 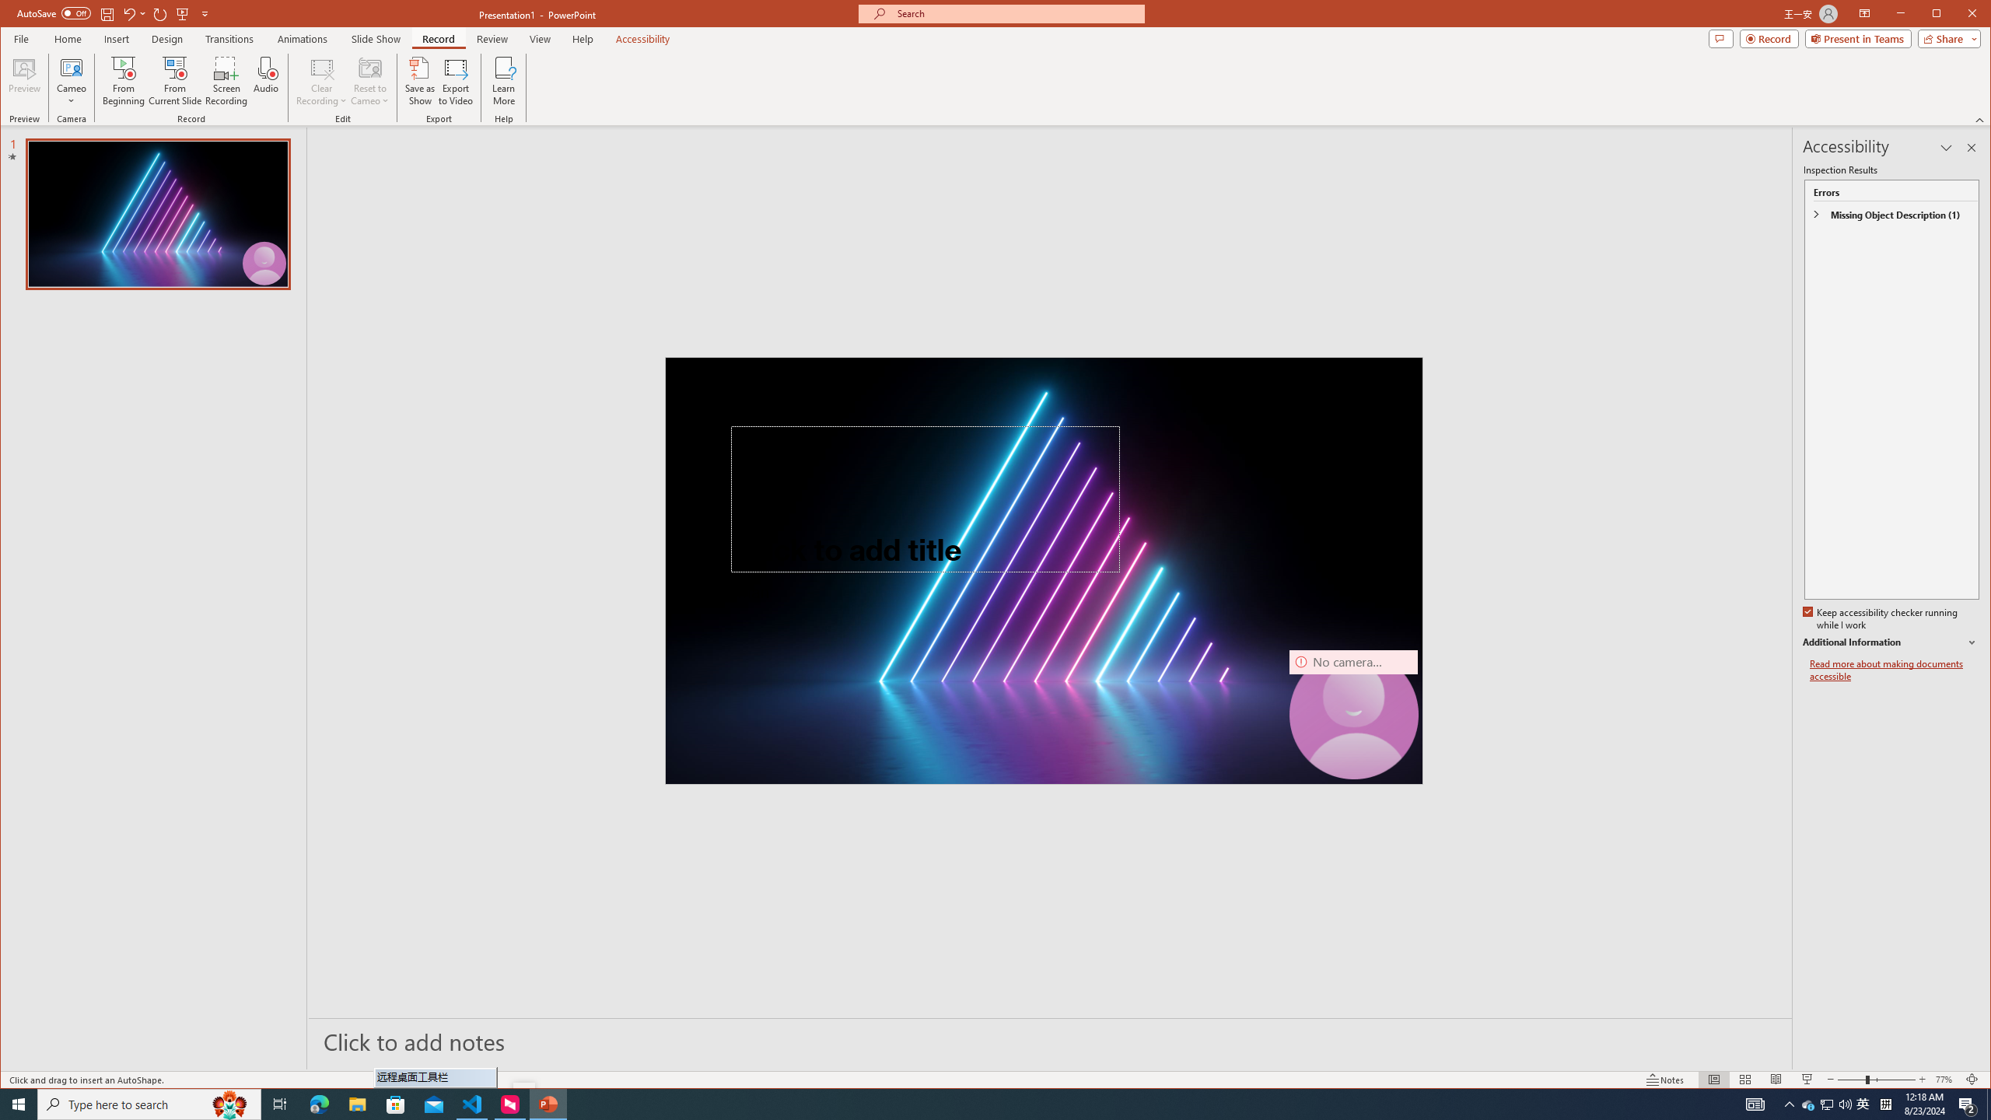 I want to click on 'Neon laser lights aligned to form a triangle', so click(x=1043, y=569).